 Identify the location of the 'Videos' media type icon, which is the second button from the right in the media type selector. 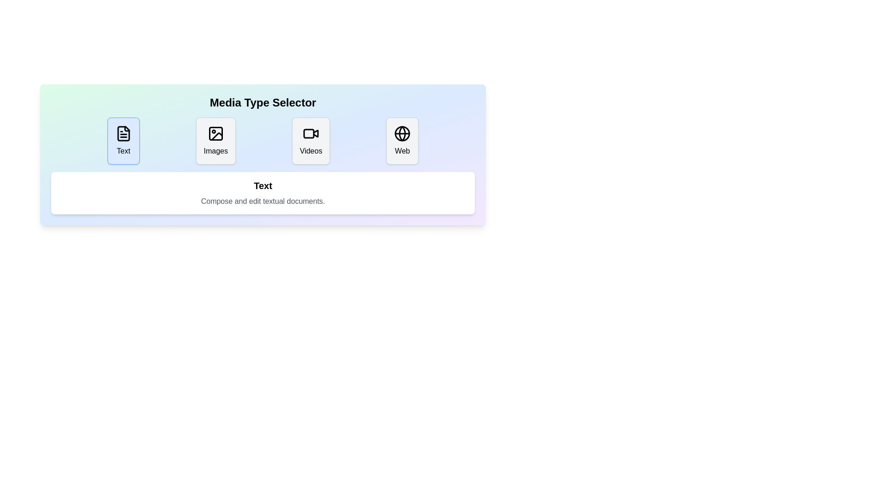
(309, 133).